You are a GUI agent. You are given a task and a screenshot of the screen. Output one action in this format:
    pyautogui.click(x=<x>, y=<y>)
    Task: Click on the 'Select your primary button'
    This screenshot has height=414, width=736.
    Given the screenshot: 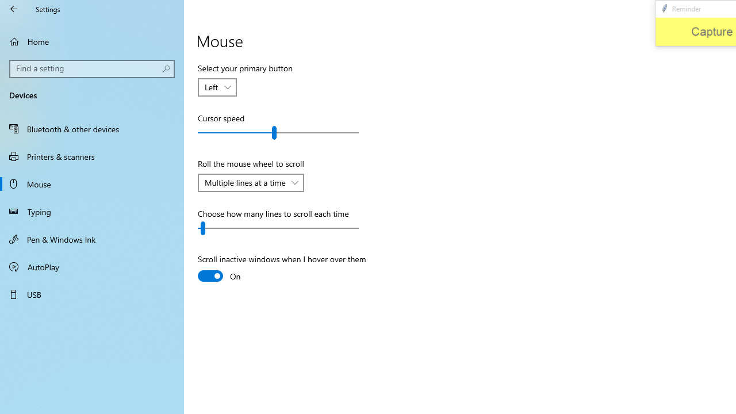 What is the action you would take?
    pyautogui.click(x=217, y=86)
    